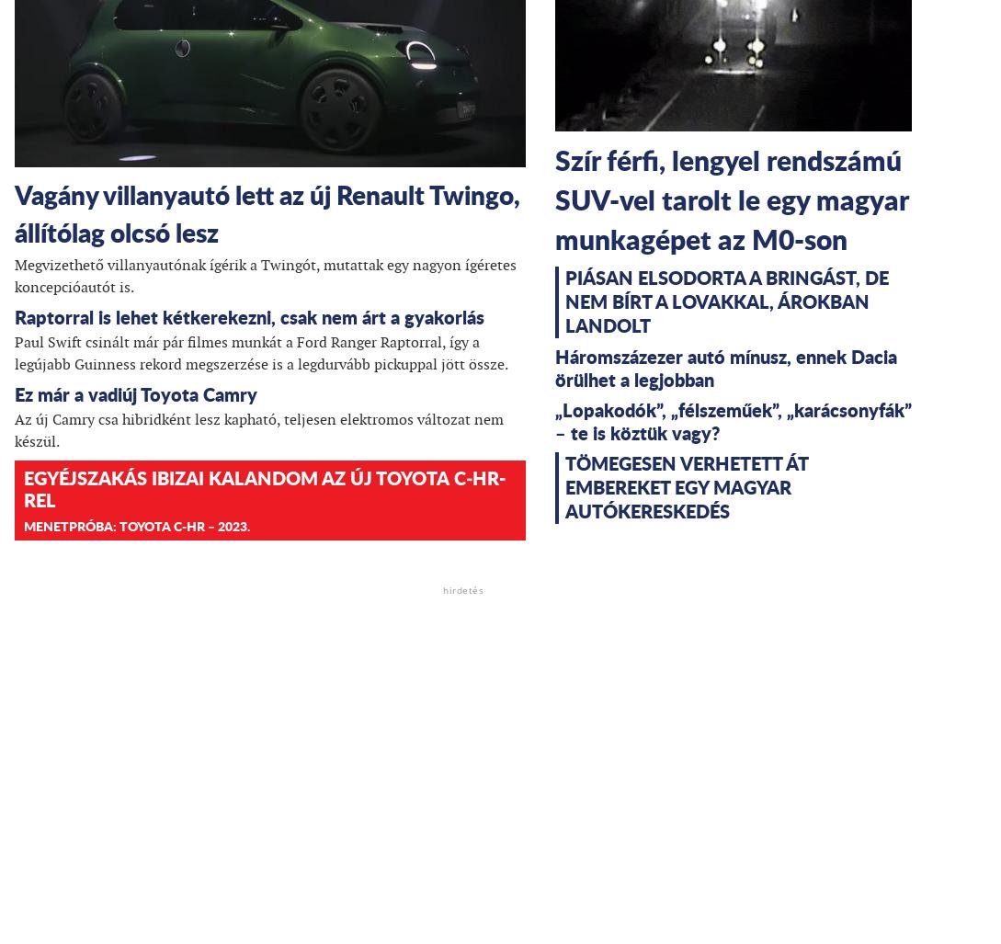 The width and height of the screenshot is (1001, 944). Describe the element at coordinates (260, 352) in the screenshot. I see `'Paul Swift csinált már pár filmes munkát a Ford Ranger Raptorral, így a legújabb Guinness rekord megszerzése is a legdurvább pickuppal jött össze.'` at that location.